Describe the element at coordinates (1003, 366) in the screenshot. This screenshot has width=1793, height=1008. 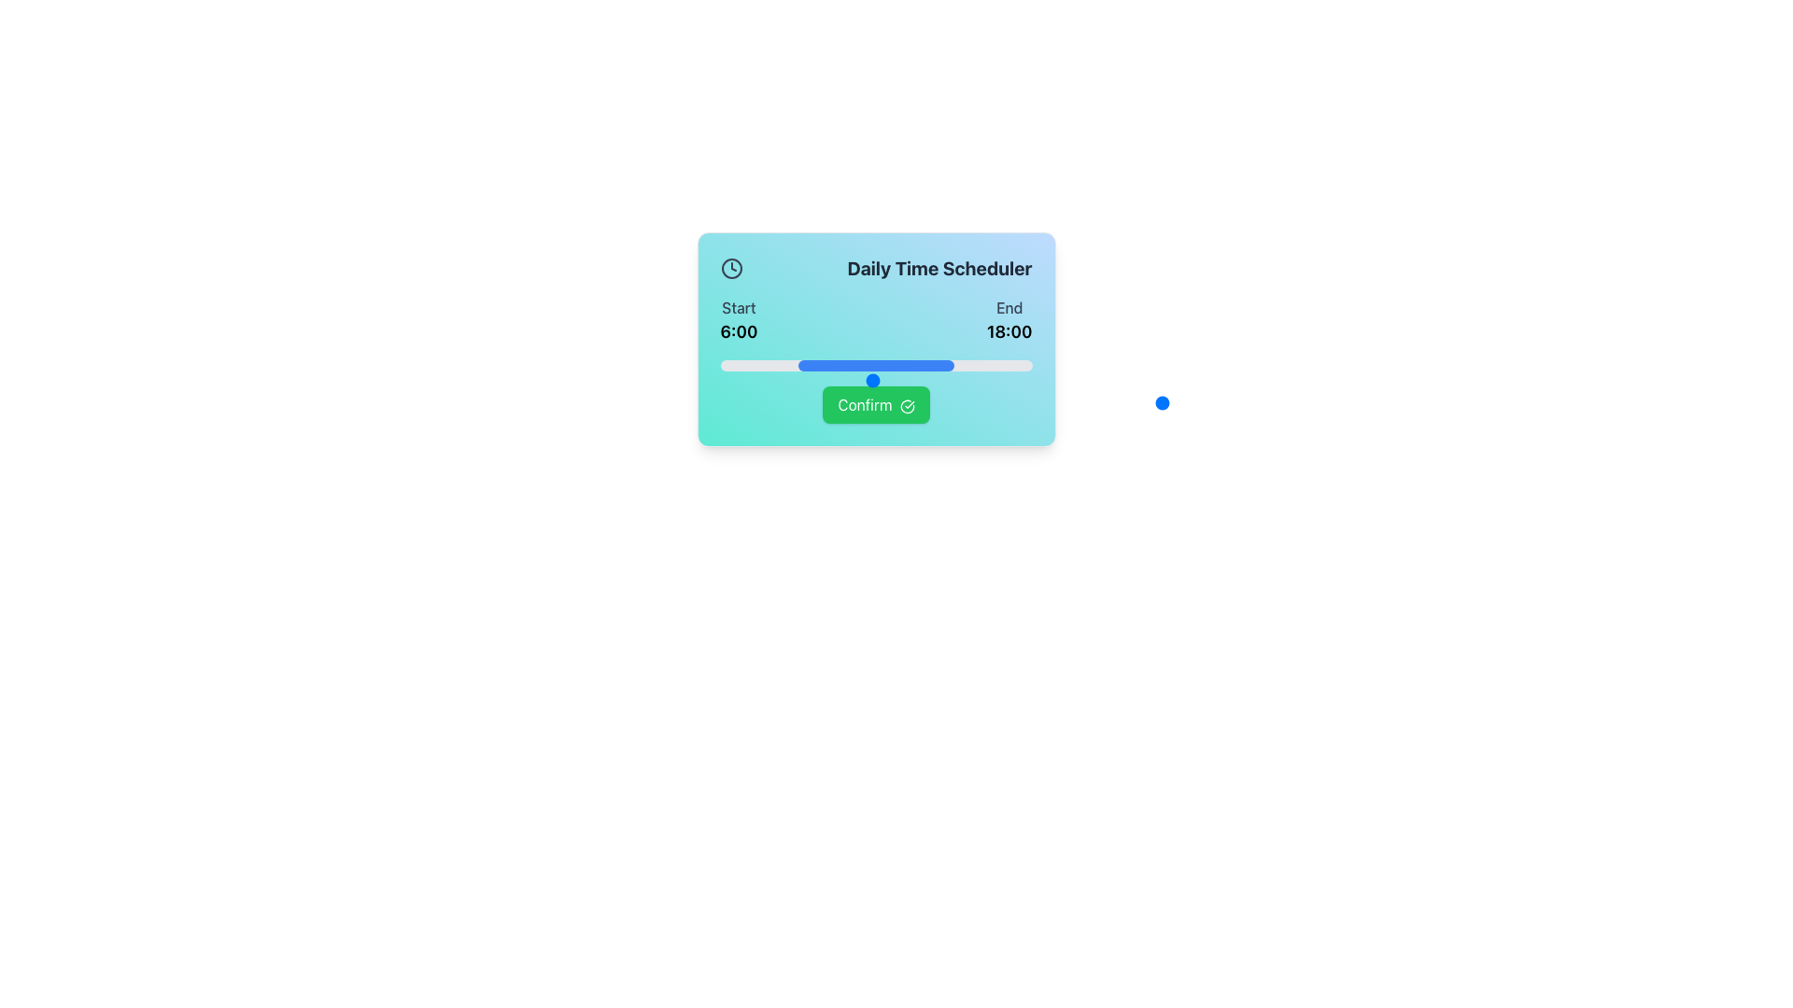
I see `the slider` at that location.